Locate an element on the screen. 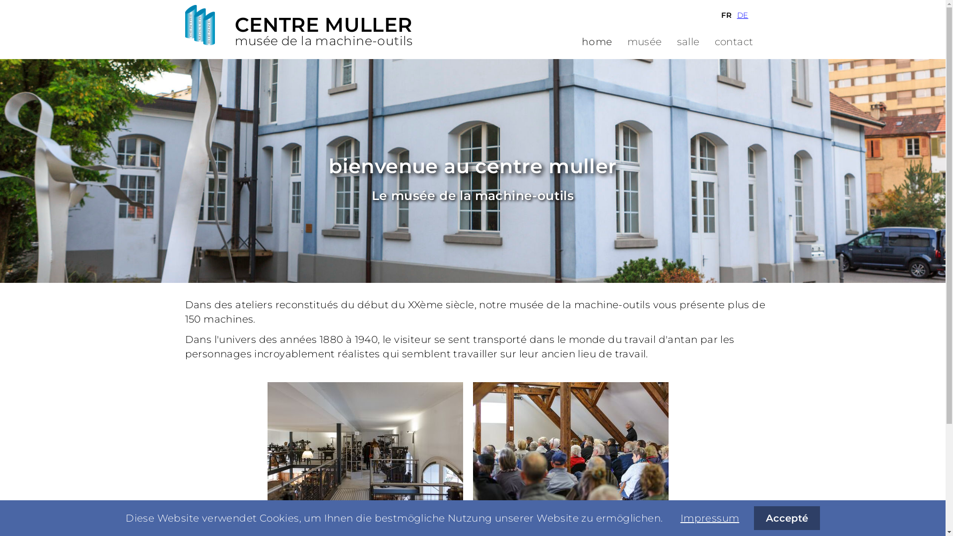 The height and width of the screenshot is (536, 953). 'muller group sa' is located at coordinates (612, 524).